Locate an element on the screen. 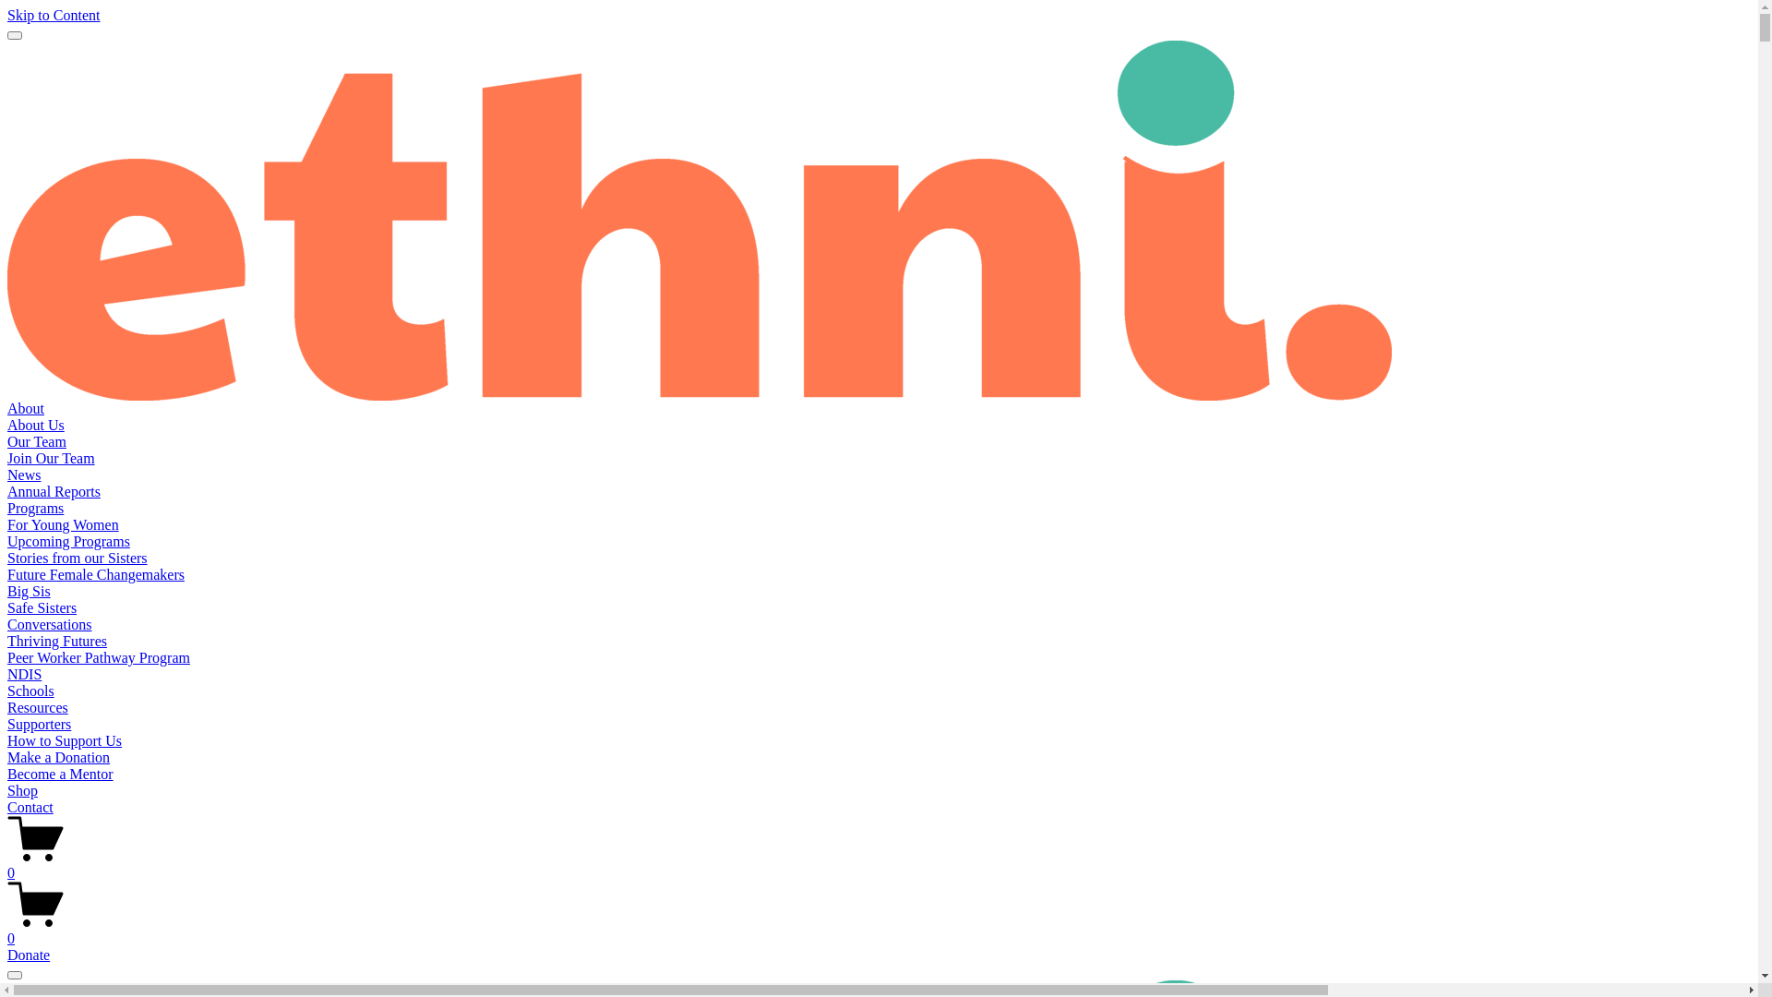 This screenshot has height=997, width=1772. 'Resources' is located at coordinates (7, 706).